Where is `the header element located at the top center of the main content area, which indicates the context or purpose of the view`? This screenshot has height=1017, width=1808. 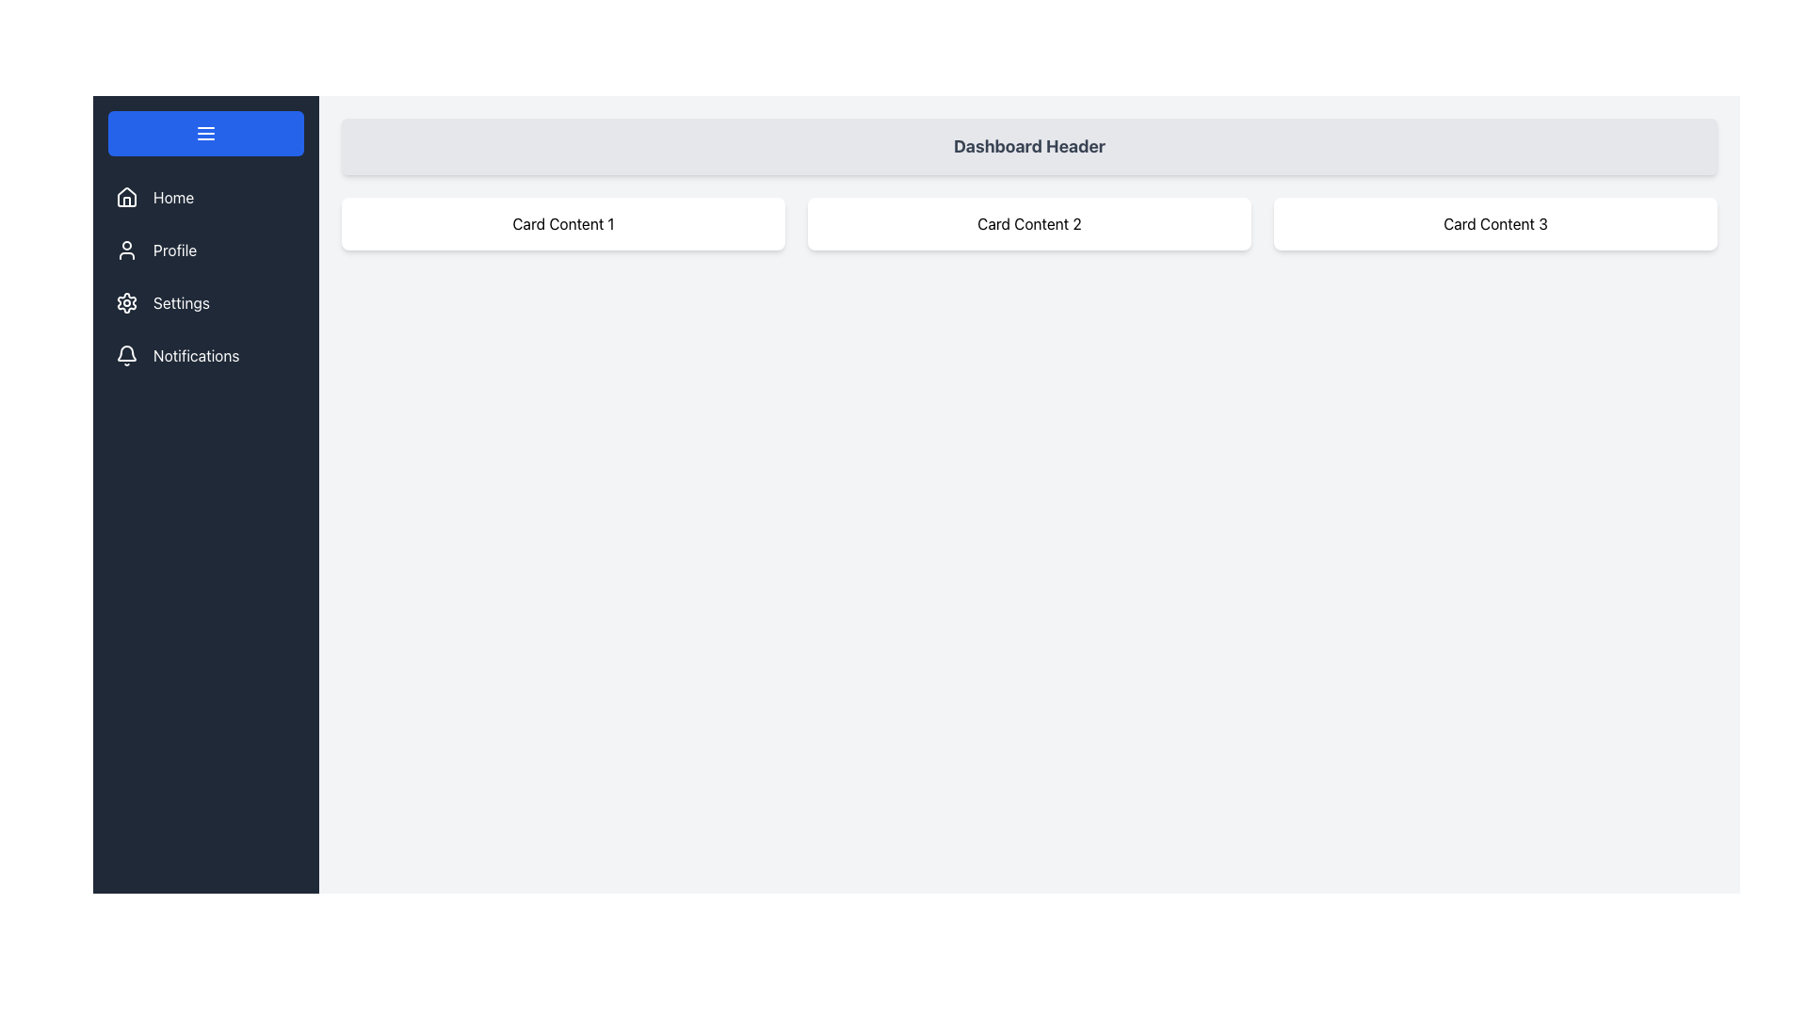 the header element located at the top center of the main content area, which indicates the context or purpose of the view is located at coordinates (1028, 145).